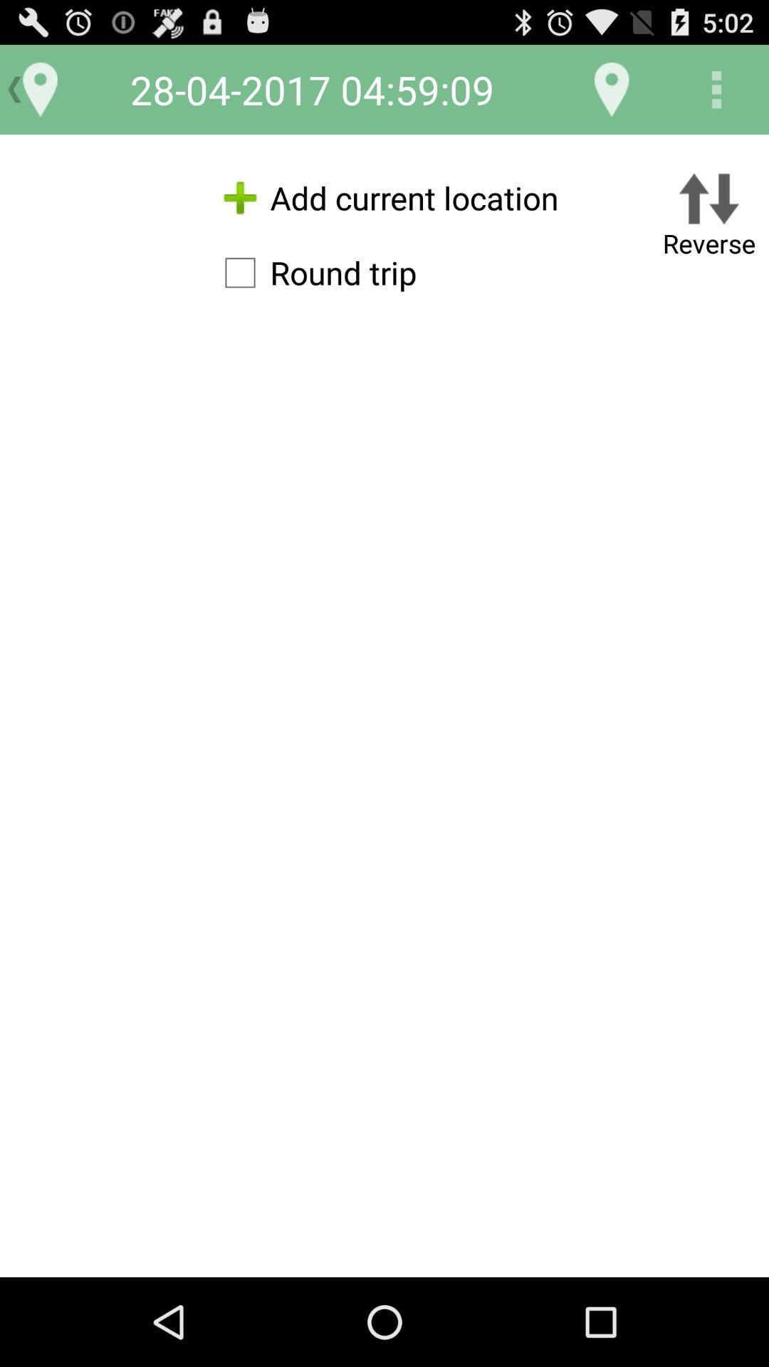 The width and height of the screenshot is (769, 1367). Describe the element at coordinates (708, 217) in the screenshot. I see `the reverse button` at that location.